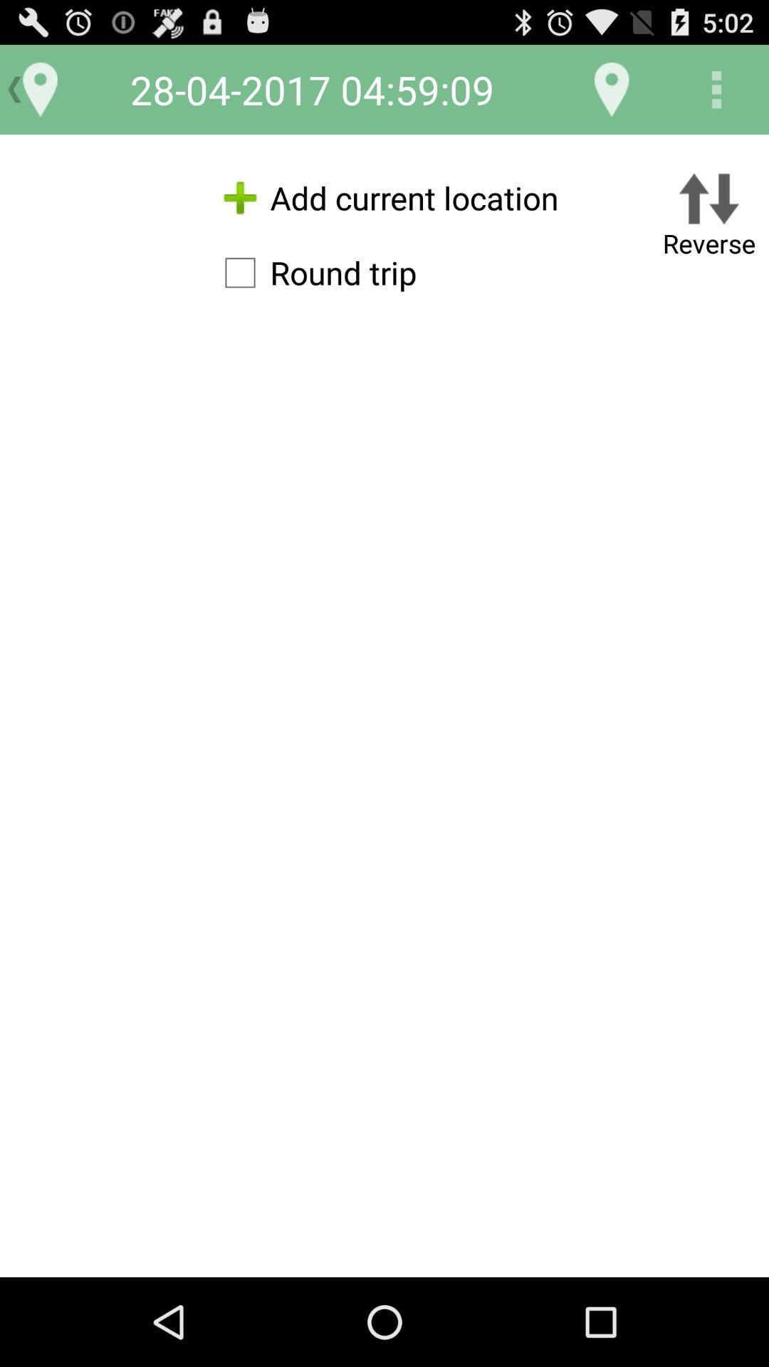 The width and height of the screenshot is (769, 1367). Describe the element at coordinates (708, 217) in the screenshot. I see `the reverse button` at that location.